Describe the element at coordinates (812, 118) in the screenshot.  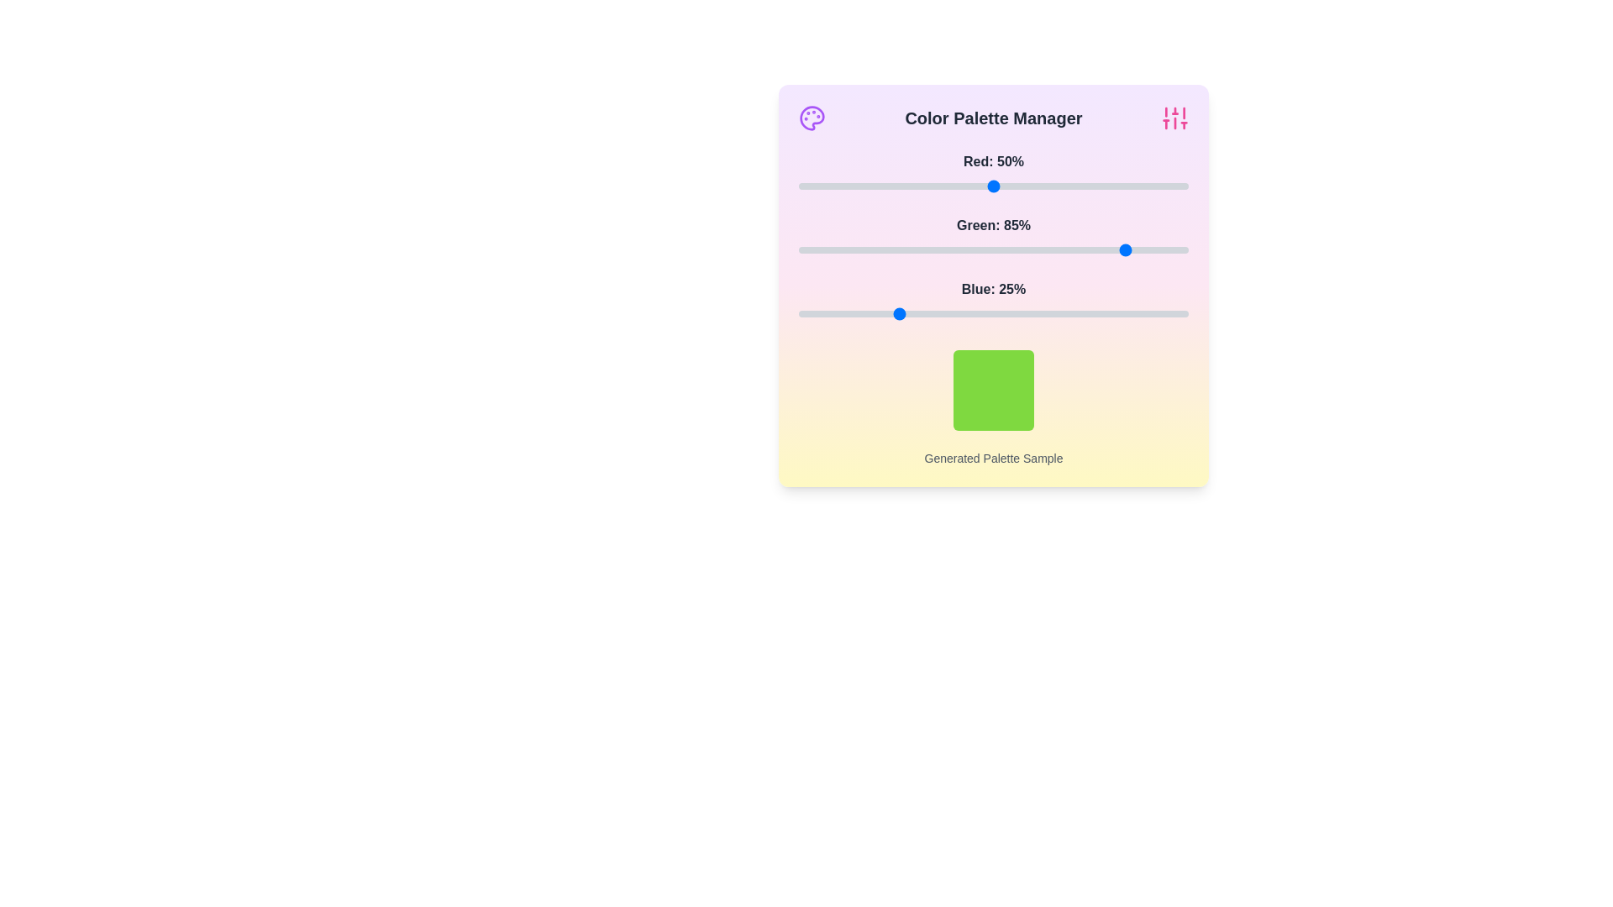
I see `the Palette icon in the header of the Color Palette Manager` at that location.